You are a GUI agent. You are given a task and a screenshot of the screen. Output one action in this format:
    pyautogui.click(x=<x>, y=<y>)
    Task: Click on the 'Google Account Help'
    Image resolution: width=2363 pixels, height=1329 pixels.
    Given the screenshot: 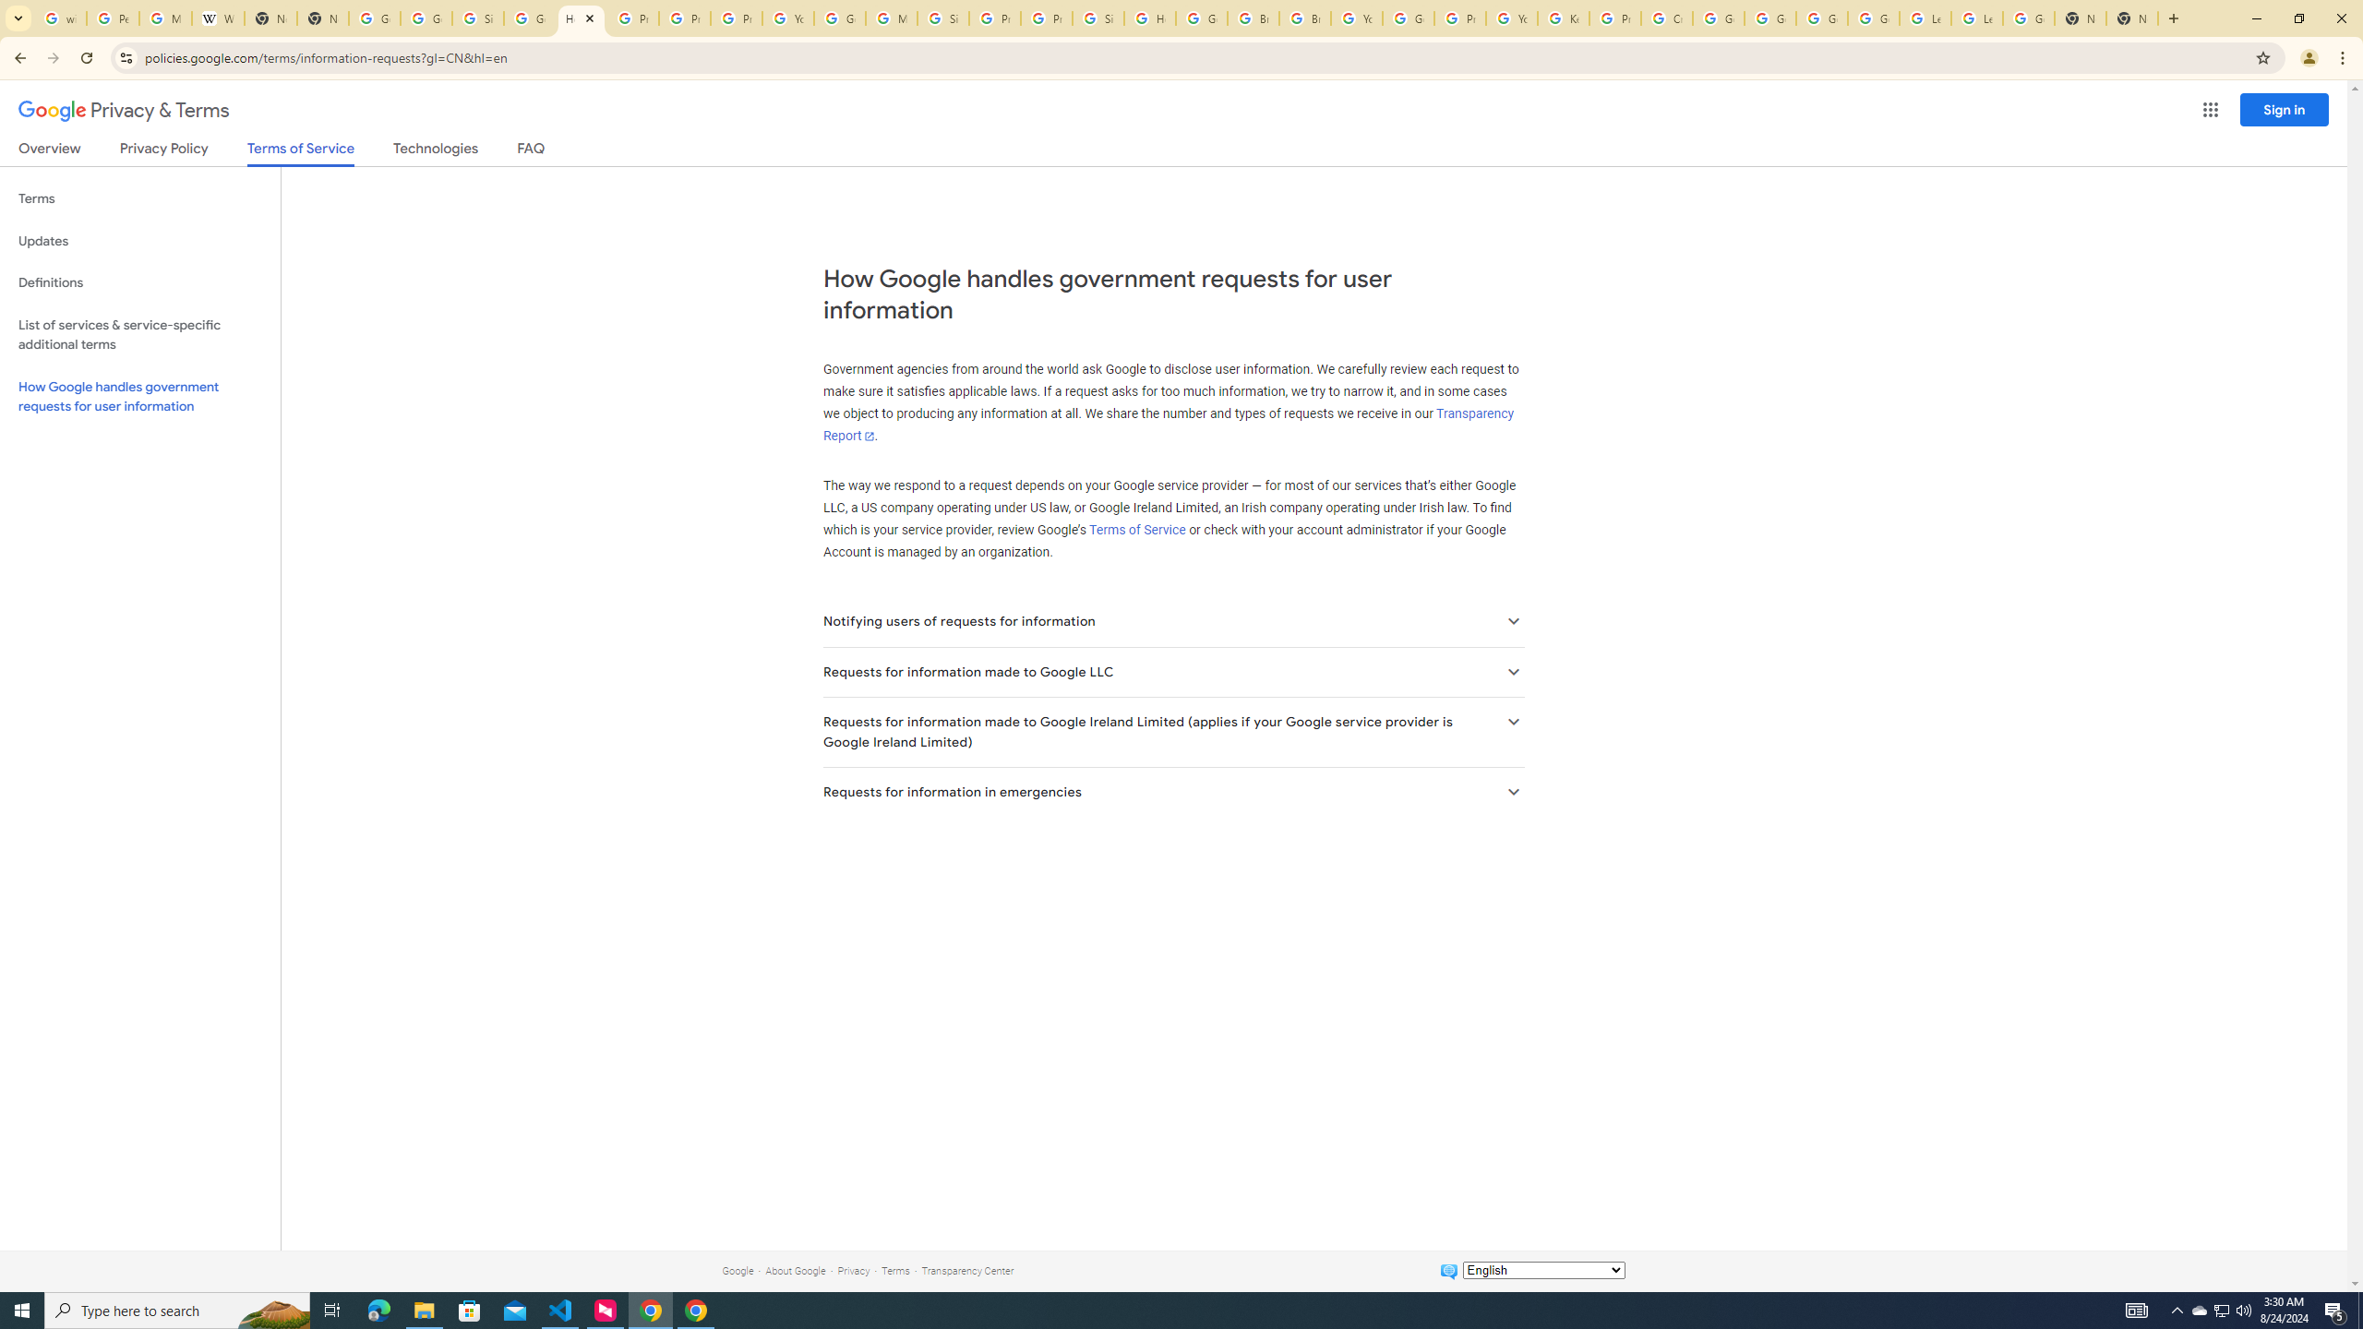 What is the action you would take?
    pyautogui.click(x=1769, y=18)
    